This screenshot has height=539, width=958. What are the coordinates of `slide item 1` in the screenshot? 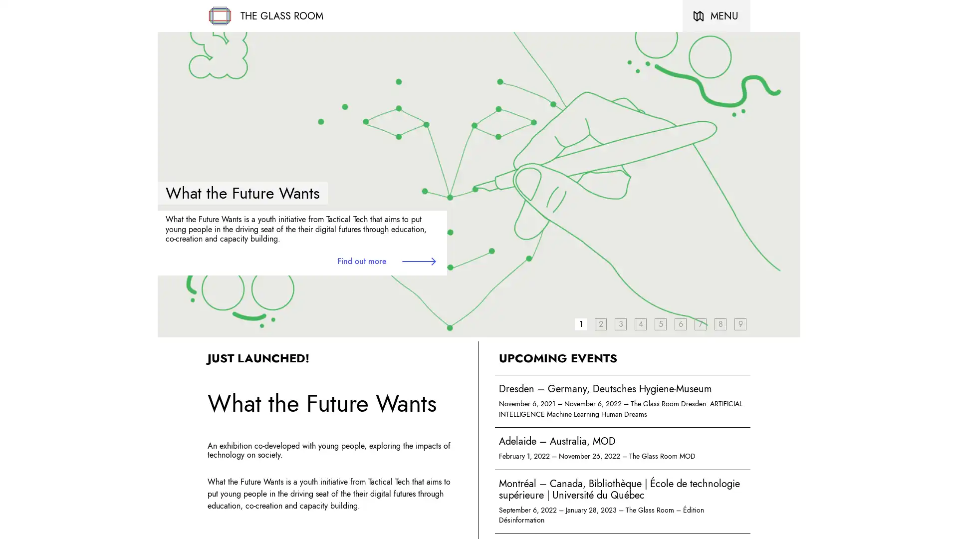 It's located at (580, 323).